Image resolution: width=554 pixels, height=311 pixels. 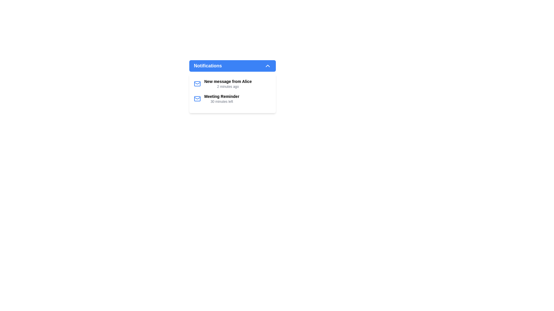 I want to click on the second notification entry in the notification list that informs the user about an upcoming meeting event, so click(x=221, y=98).